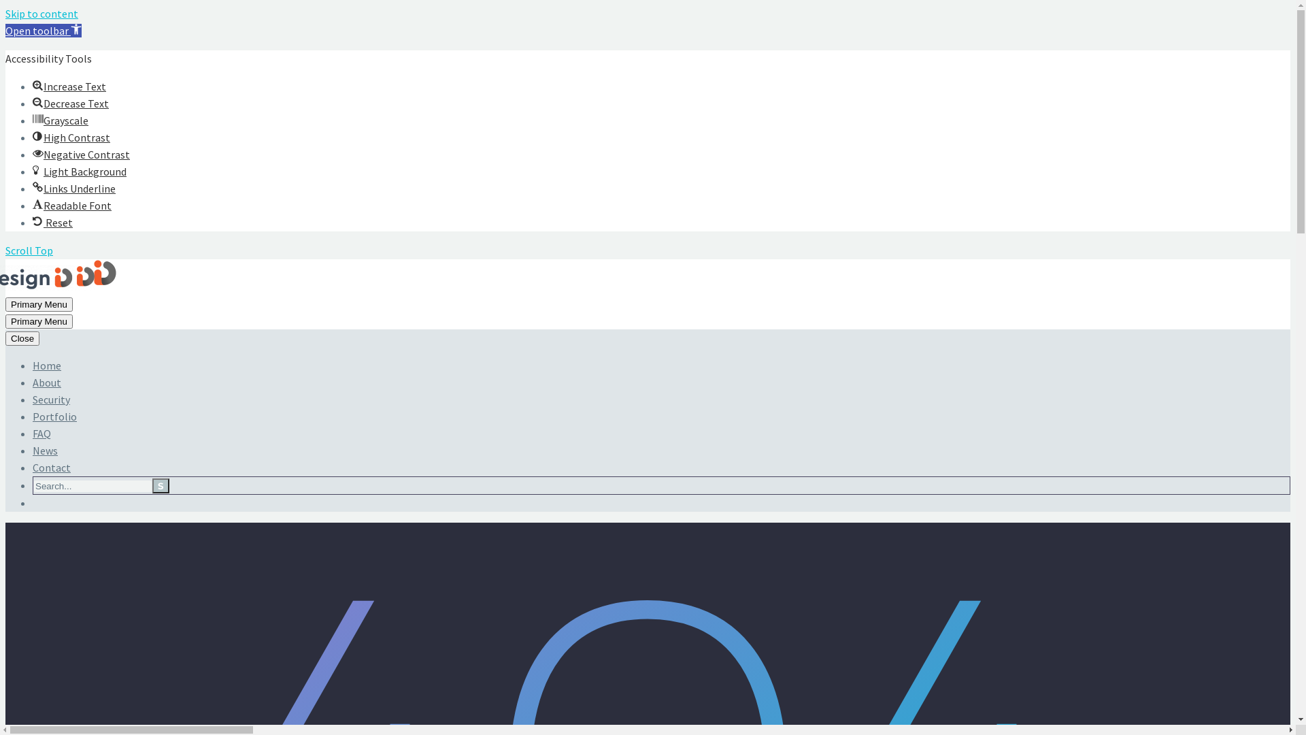 This screenshot has width=1306, height=735. What do you see at coordinates (60, 120) in the screenshot?
I see `'GrayscaleGrayscale'` at bounding box center [60, 120].